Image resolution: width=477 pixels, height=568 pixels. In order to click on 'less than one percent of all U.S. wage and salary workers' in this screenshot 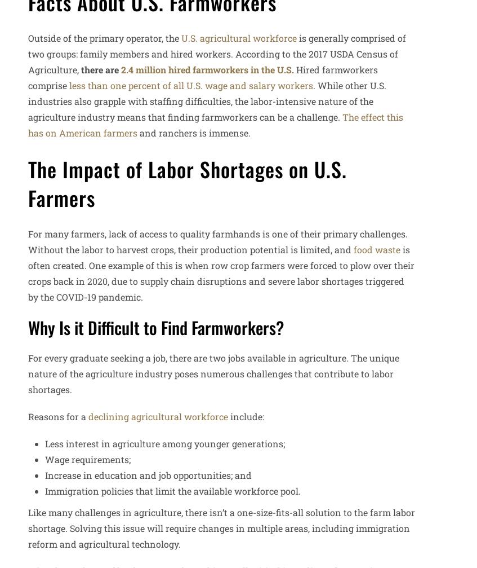, I will do `click(191, 85)`.